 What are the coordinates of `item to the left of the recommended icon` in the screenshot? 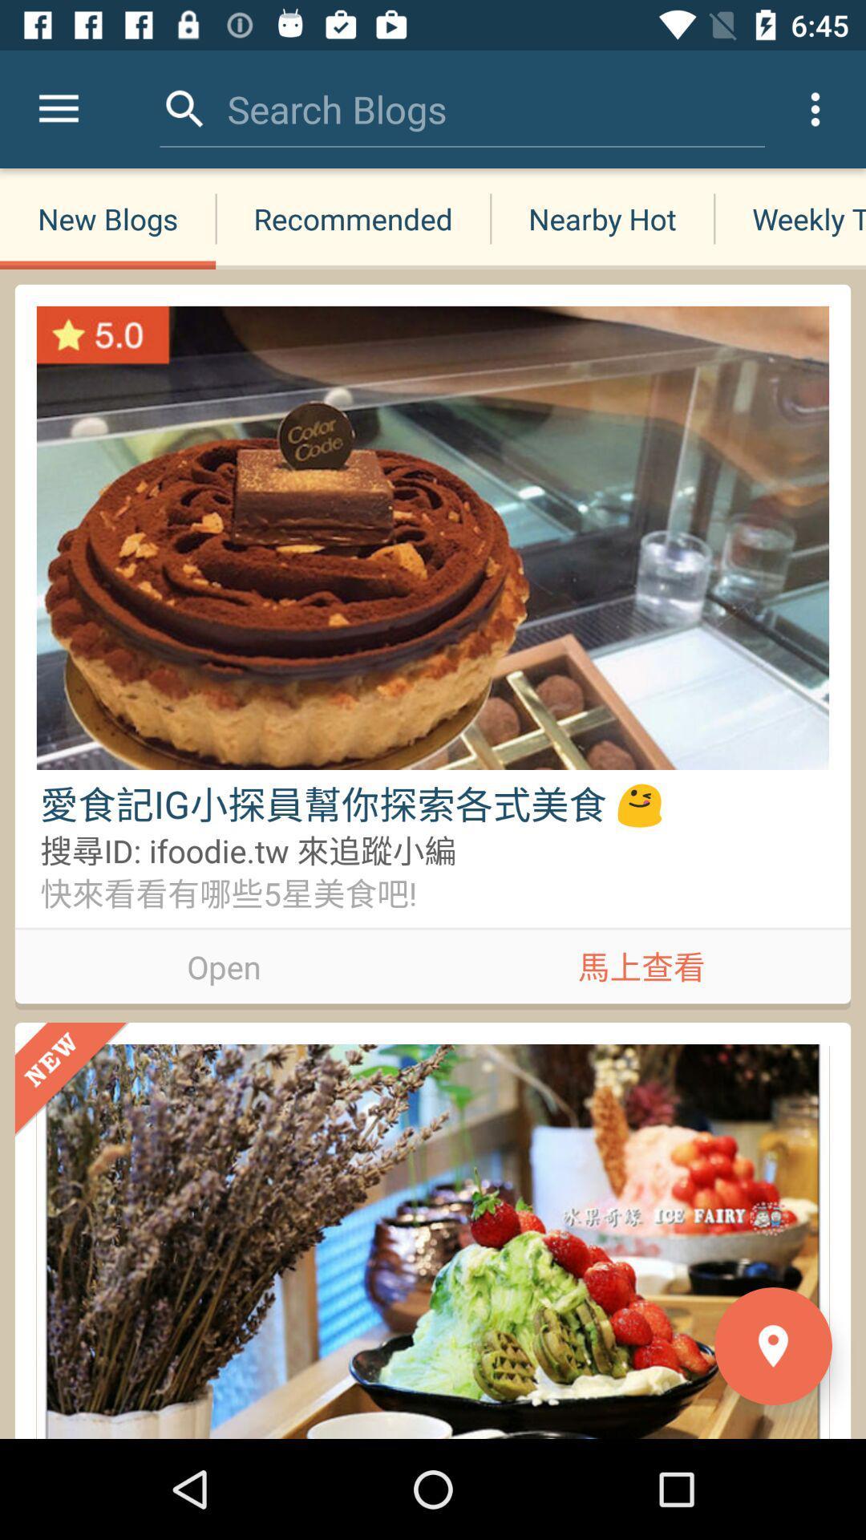 It's located at (107, 218).